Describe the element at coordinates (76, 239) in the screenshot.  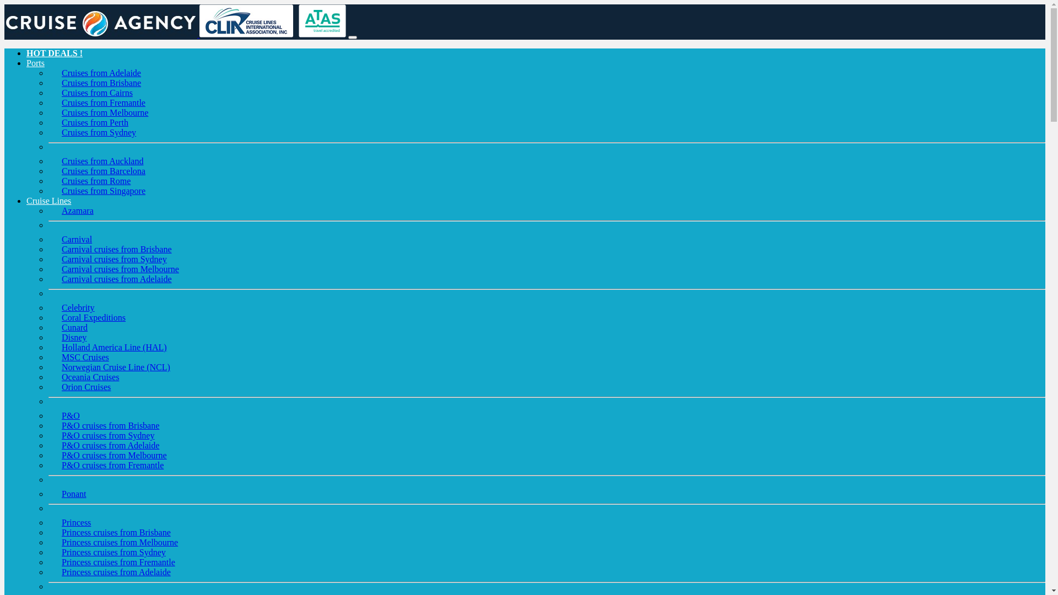
I see `'Carnival'` at that location.